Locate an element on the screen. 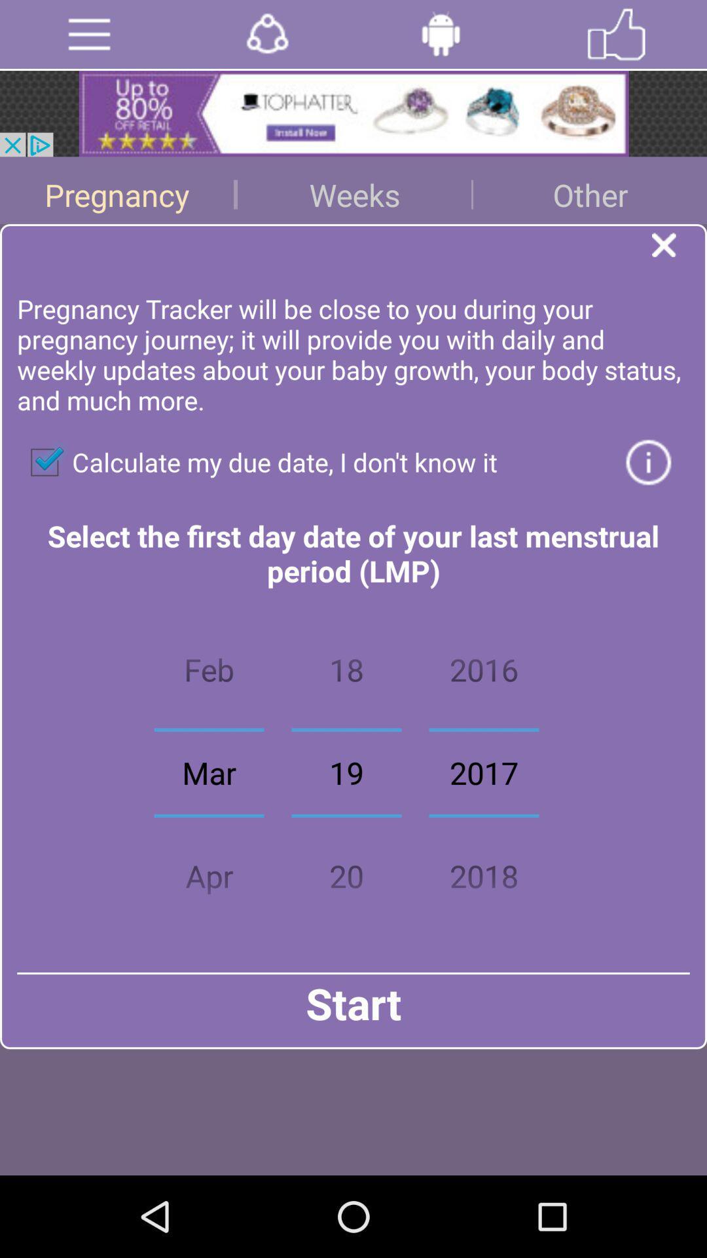  exit the window is located at coordinates (678, 249).